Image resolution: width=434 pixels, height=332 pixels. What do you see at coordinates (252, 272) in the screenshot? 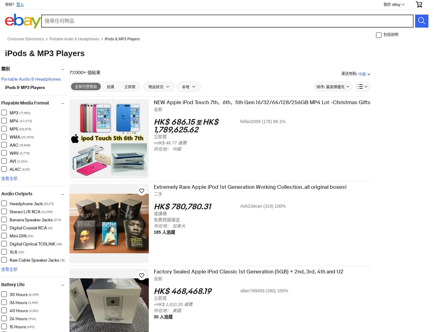
I see `'Factory Sealed Apple iPod Classic 1st Generation (5GB) + 2nd, 3rd, 4th and U2'` at bounding box center [252, 272].